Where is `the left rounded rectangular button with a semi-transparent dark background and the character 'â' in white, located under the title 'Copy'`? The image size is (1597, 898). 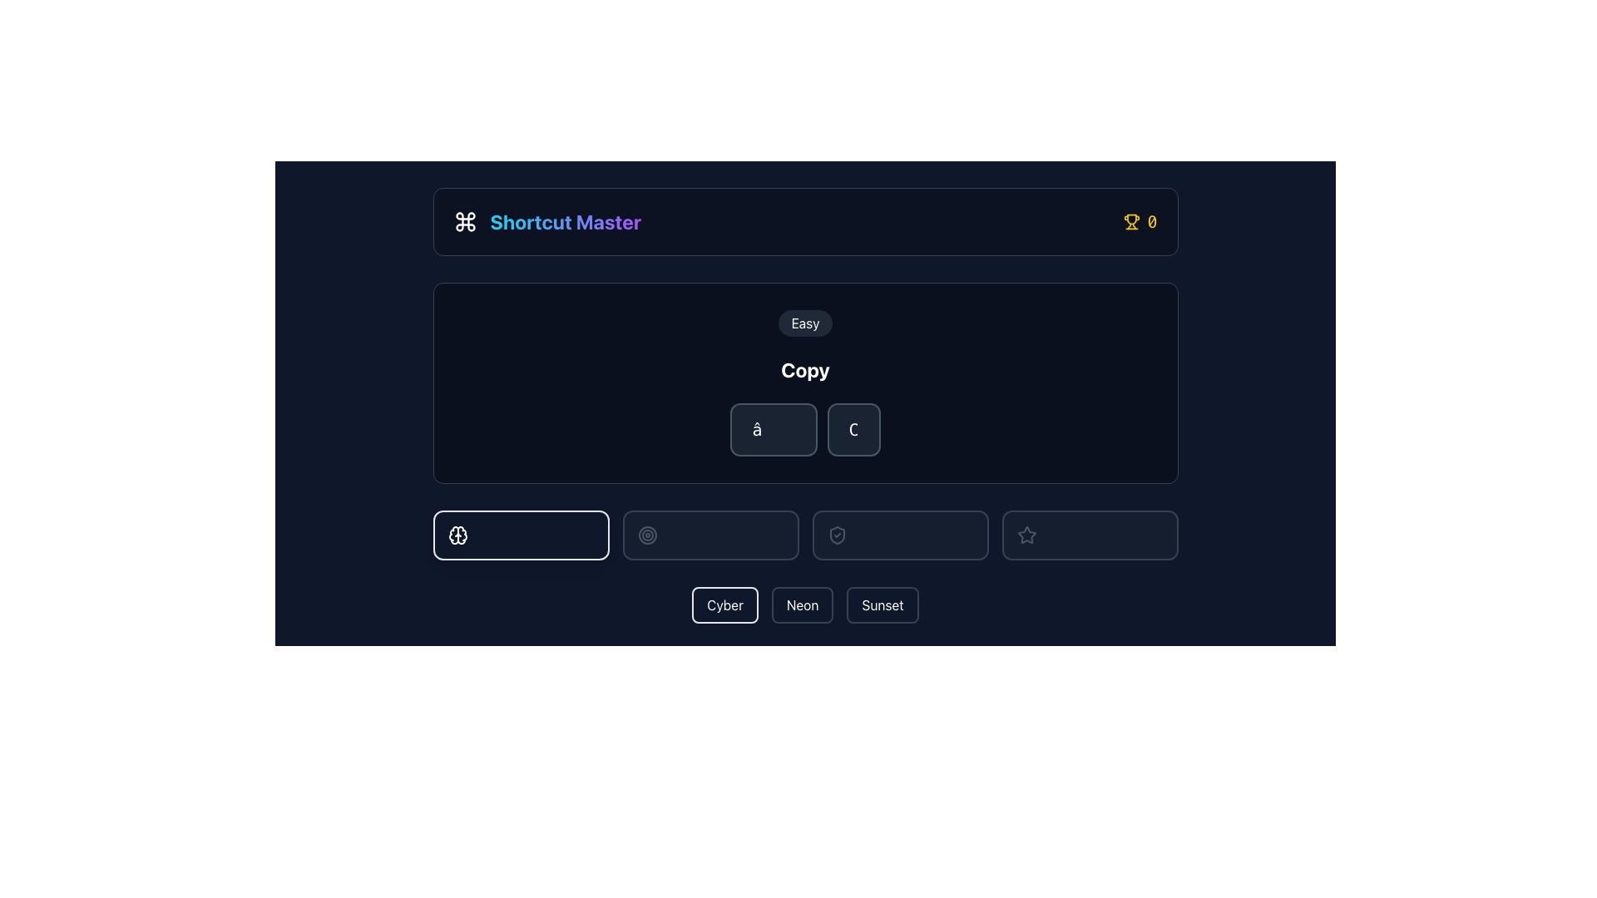
the left rounded rectangular button with a semi-transparent dark background and the character 'â' in white, located under the title 'Copy' is located at coordinates (773, 428).